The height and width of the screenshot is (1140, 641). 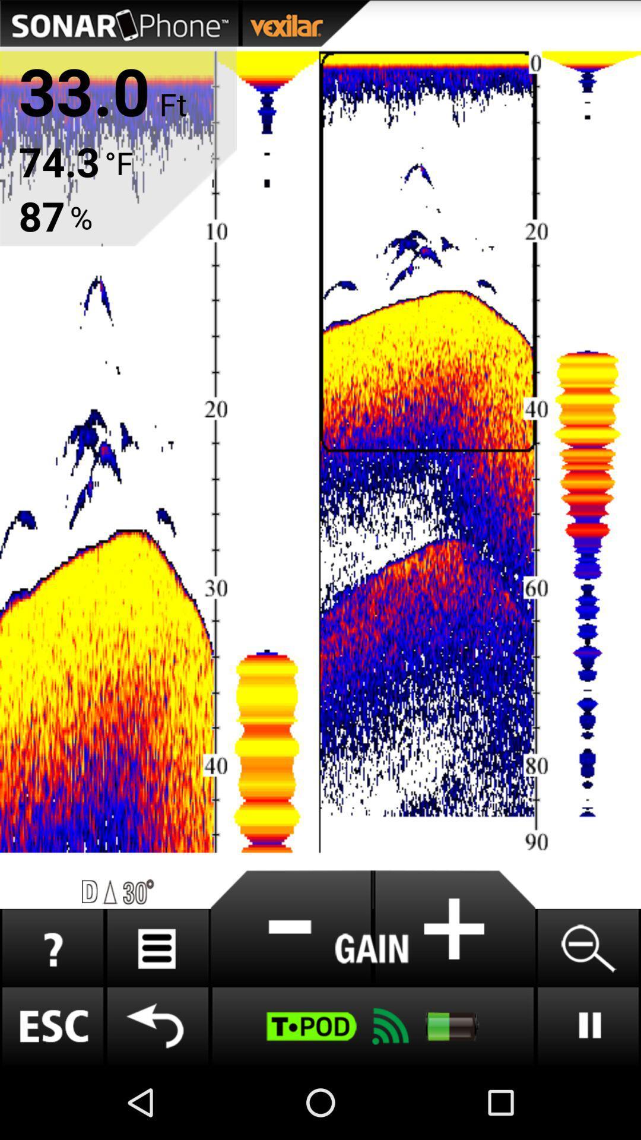 I want to click on question mark, so click(x=52, y=948).